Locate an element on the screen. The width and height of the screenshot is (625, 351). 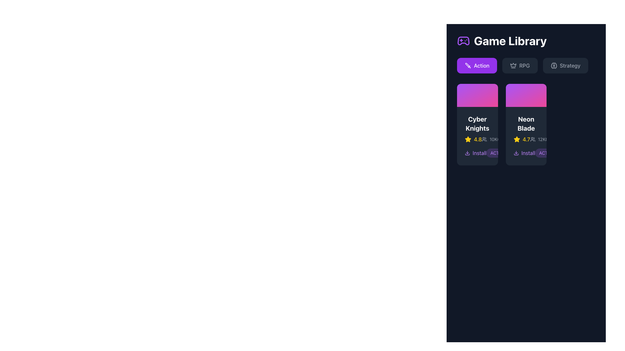
the gold-colored star icon located below the 'Neon Blade' text in the second card of the grid is located at coordinates (468, 139).